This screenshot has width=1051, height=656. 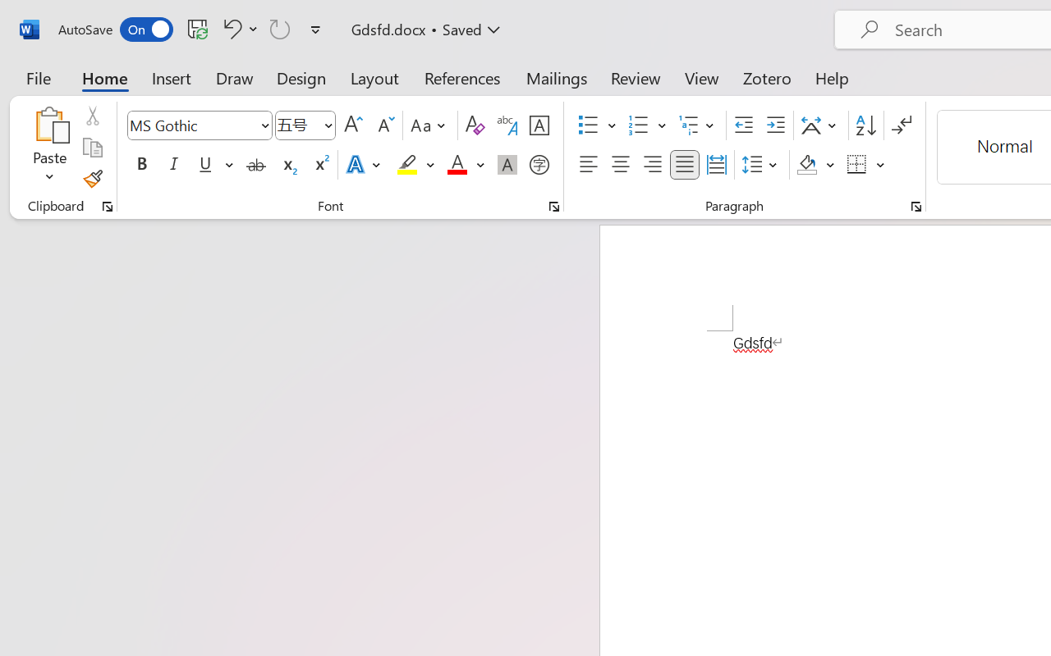 I want to click on 'Character Border', so click(x=539, y=125).